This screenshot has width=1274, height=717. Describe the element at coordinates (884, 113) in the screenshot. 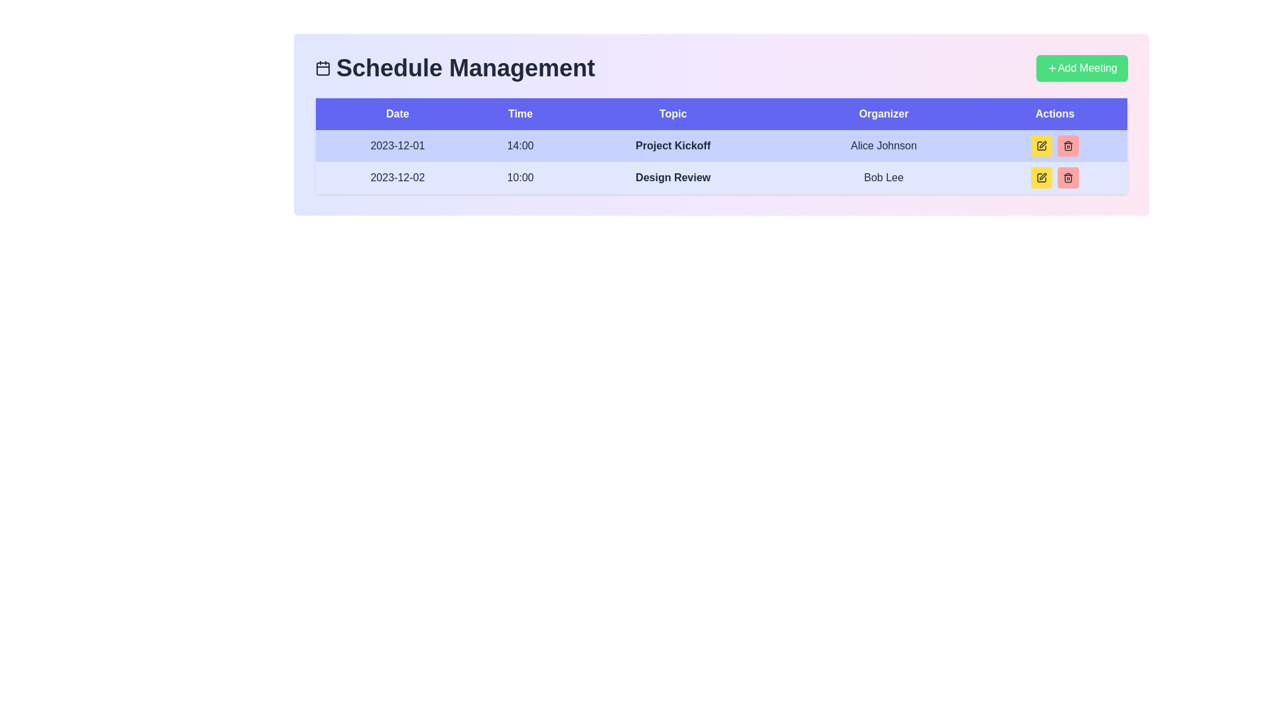

I see `text of the Header label indicating the organizer of the events, which is the fourth column header in the table, positioned between 'Topic' and 'Actions'` at that location.